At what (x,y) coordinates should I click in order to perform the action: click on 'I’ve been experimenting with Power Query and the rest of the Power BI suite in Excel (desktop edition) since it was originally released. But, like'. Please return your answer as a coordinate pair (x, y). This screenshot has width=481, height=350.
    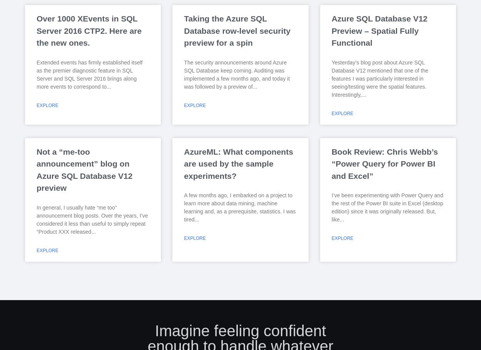
    Looking at the image, I should click on (387, 207).